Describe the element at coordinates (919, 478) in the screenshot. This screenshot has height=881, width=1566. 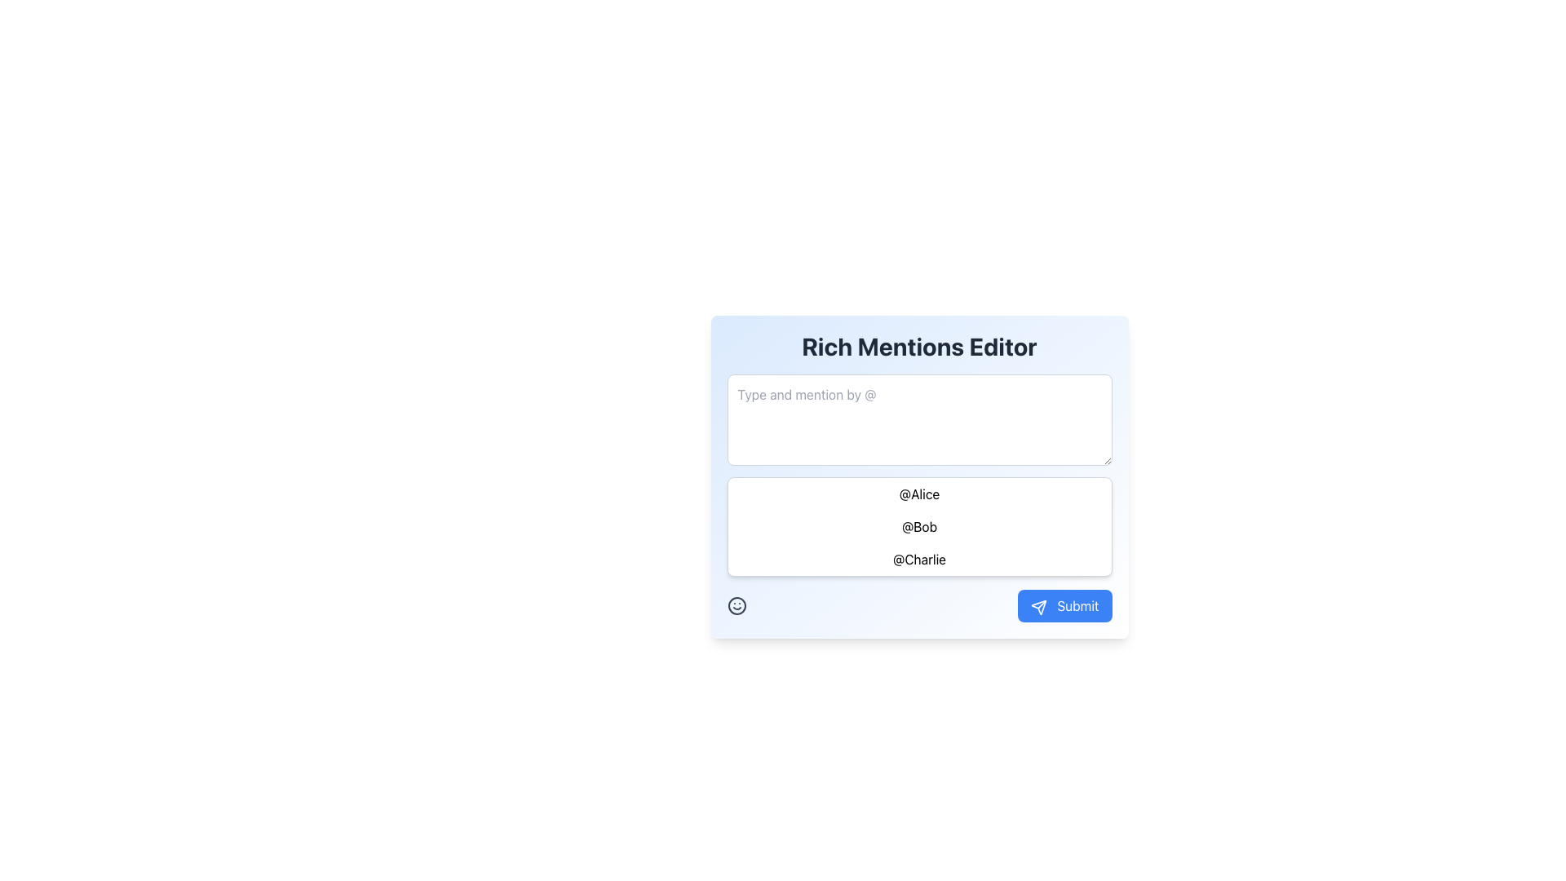
I see `the mention '@Alice' within the rich mention editor UI component` at that location.